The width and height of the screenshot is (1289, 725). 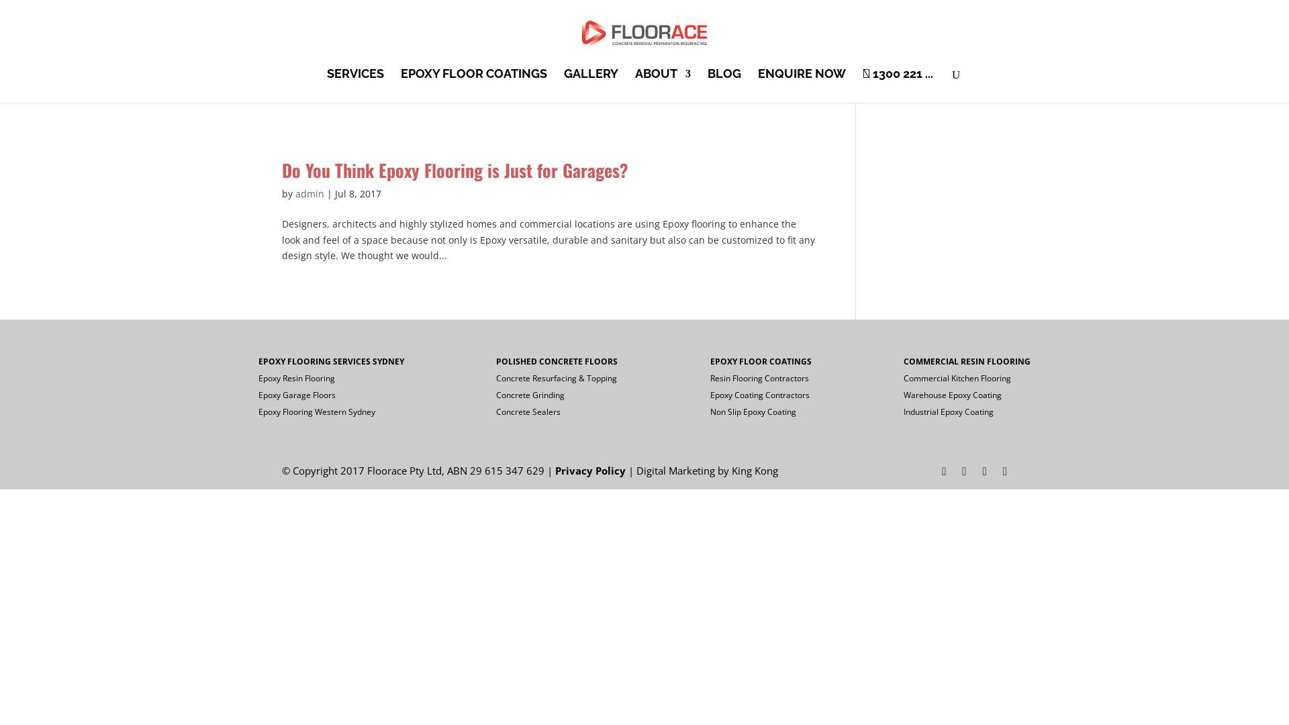 I want to click on 'GALLERY', so click(x=591, y=85).